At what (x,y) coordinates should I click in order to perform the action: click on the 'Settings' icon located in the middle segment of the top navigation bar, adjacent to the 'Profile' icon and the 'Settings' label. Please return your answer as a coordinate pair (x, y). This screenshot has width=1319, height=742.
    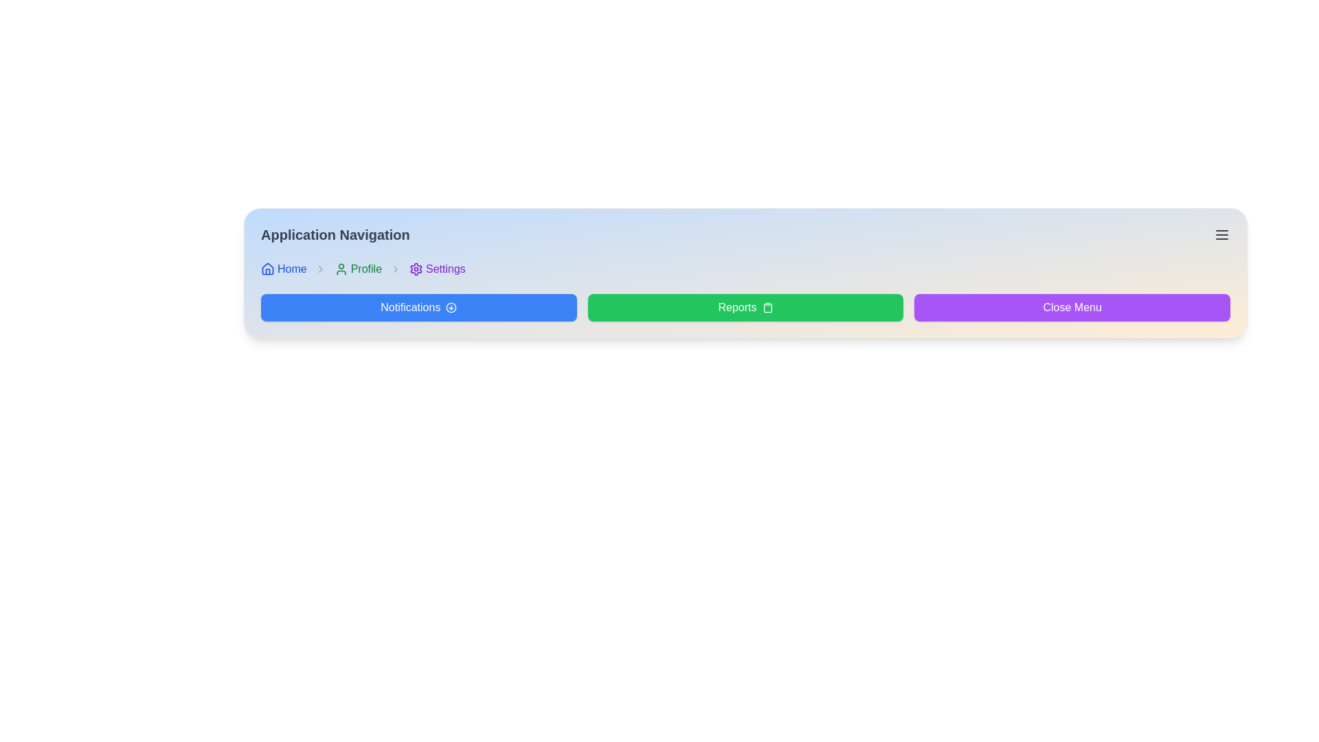
    Looking at the image, I should click on (416, 269).